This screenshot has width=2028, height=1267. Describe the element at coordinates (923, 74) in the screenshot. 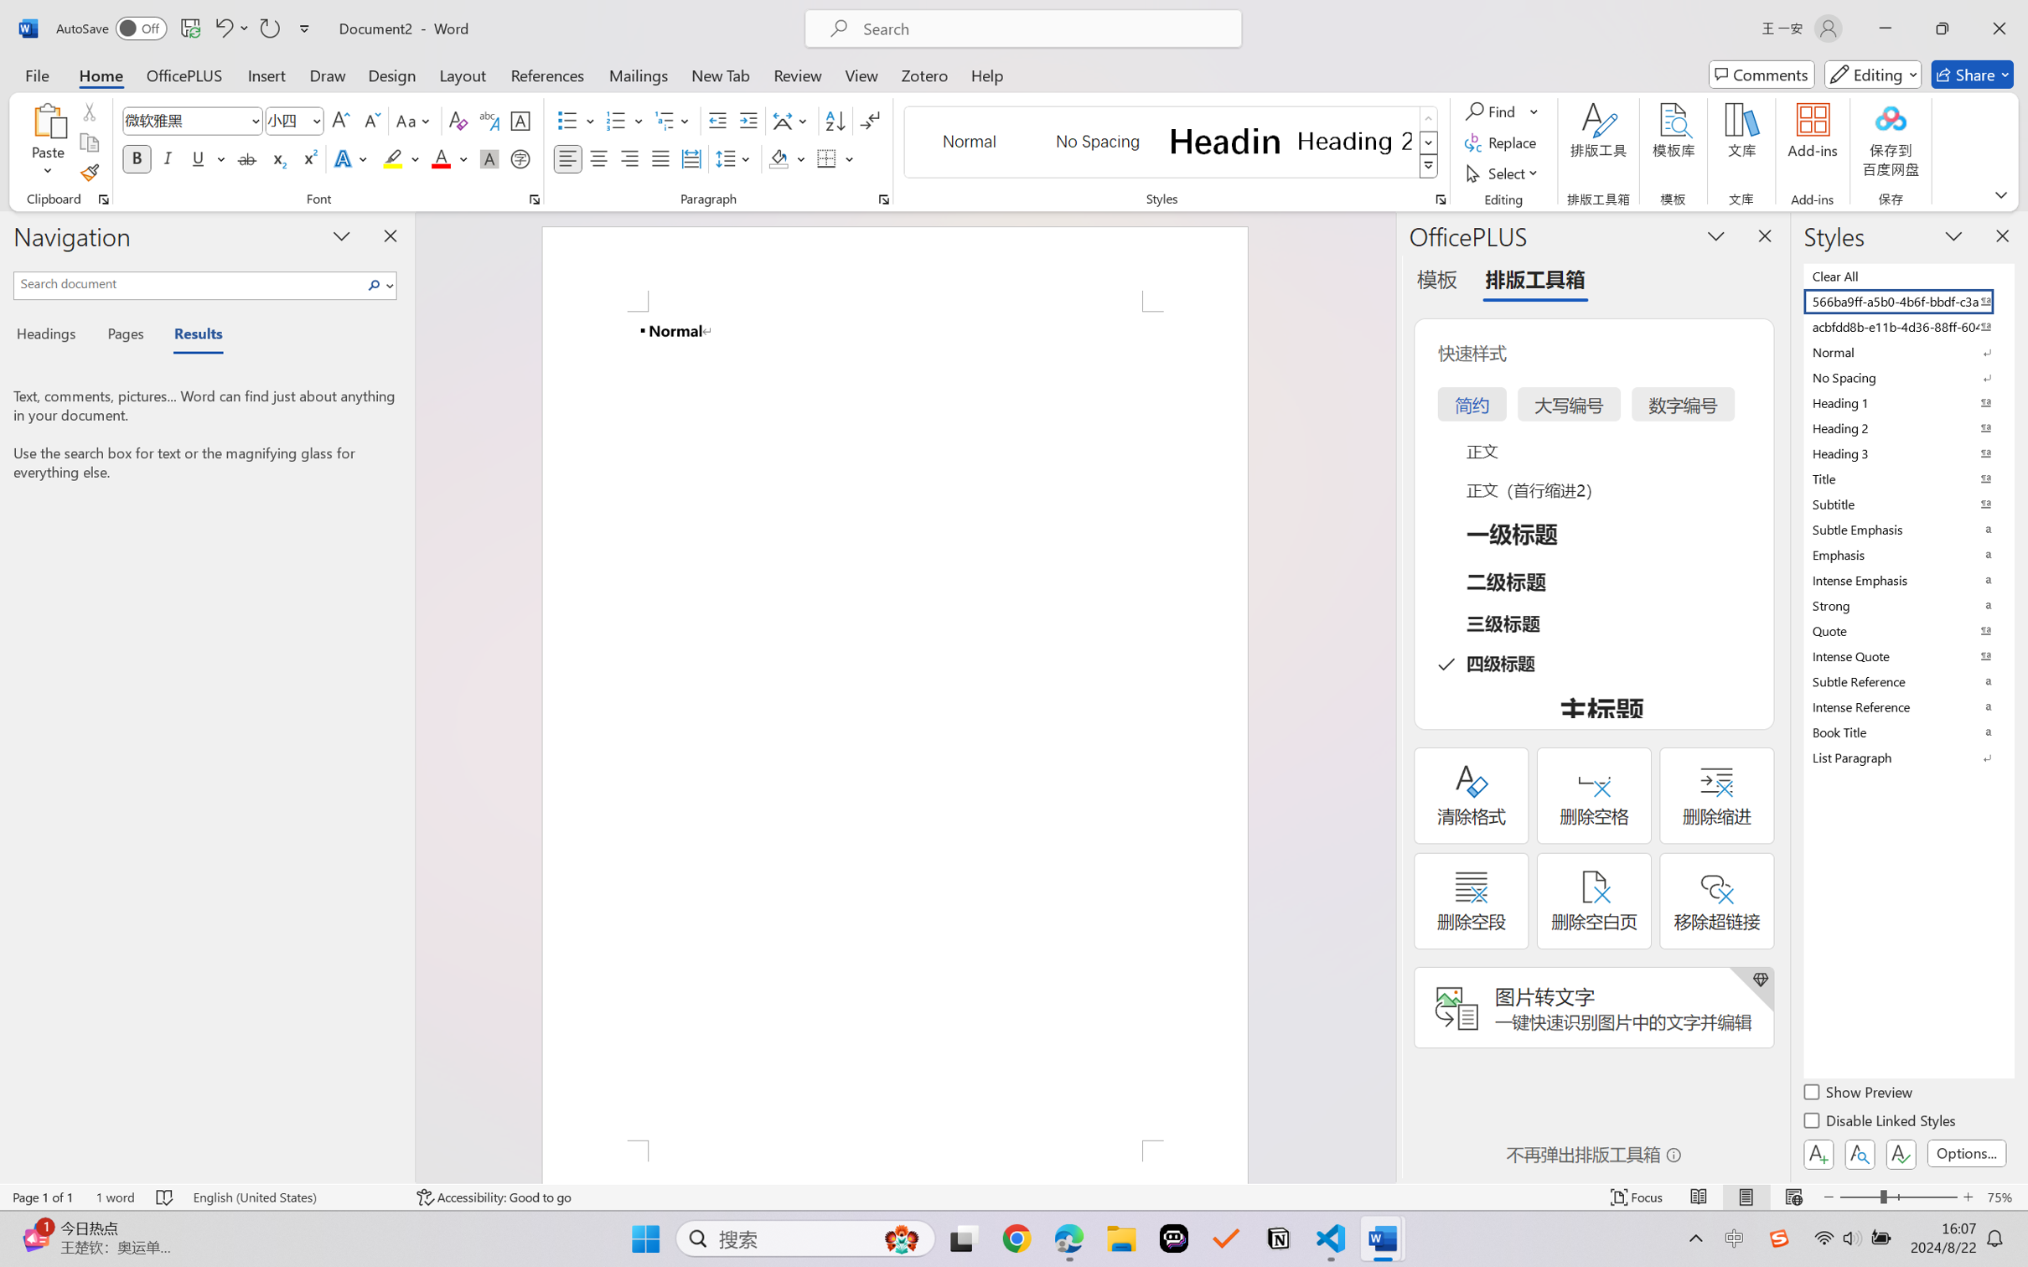

I see `'Zotero'` at that location.